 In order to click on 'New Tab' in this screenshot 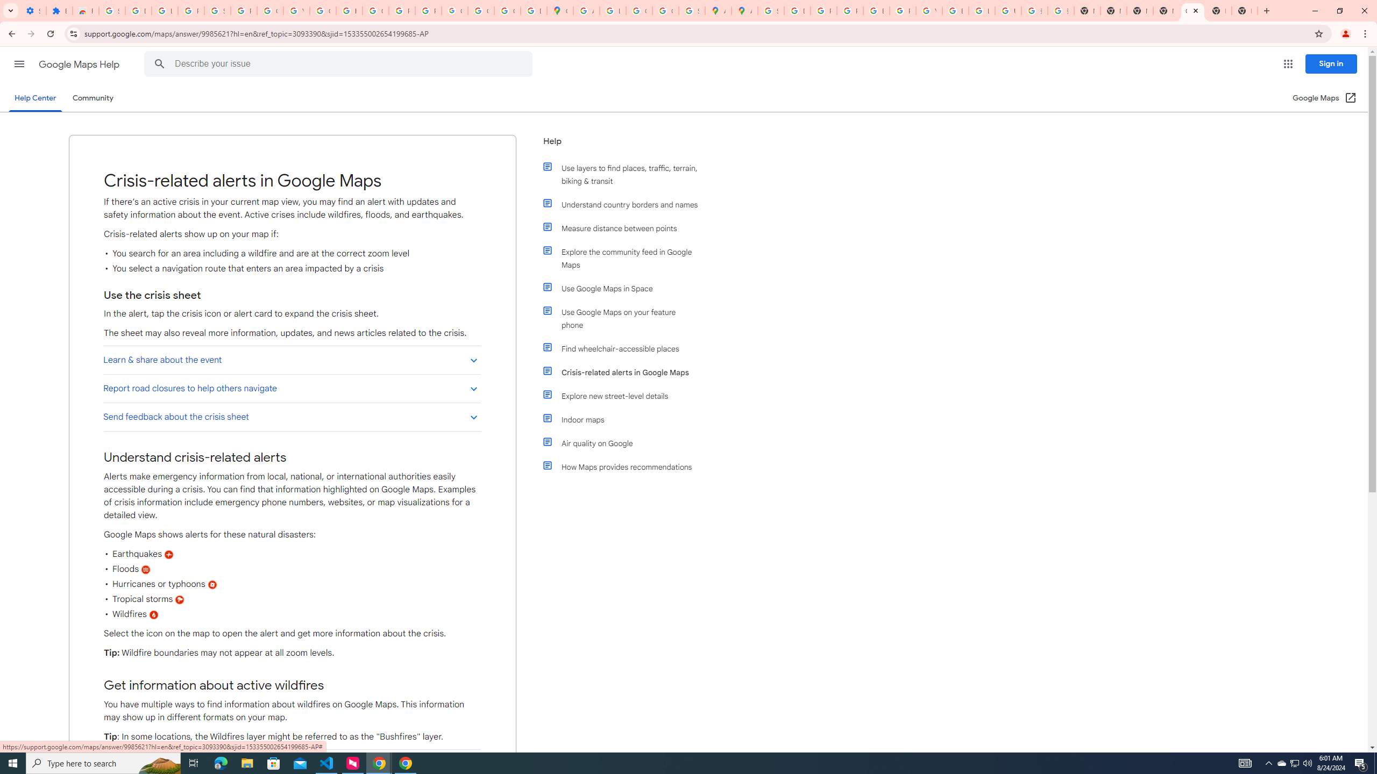, I will do `click(1245, 10)`.